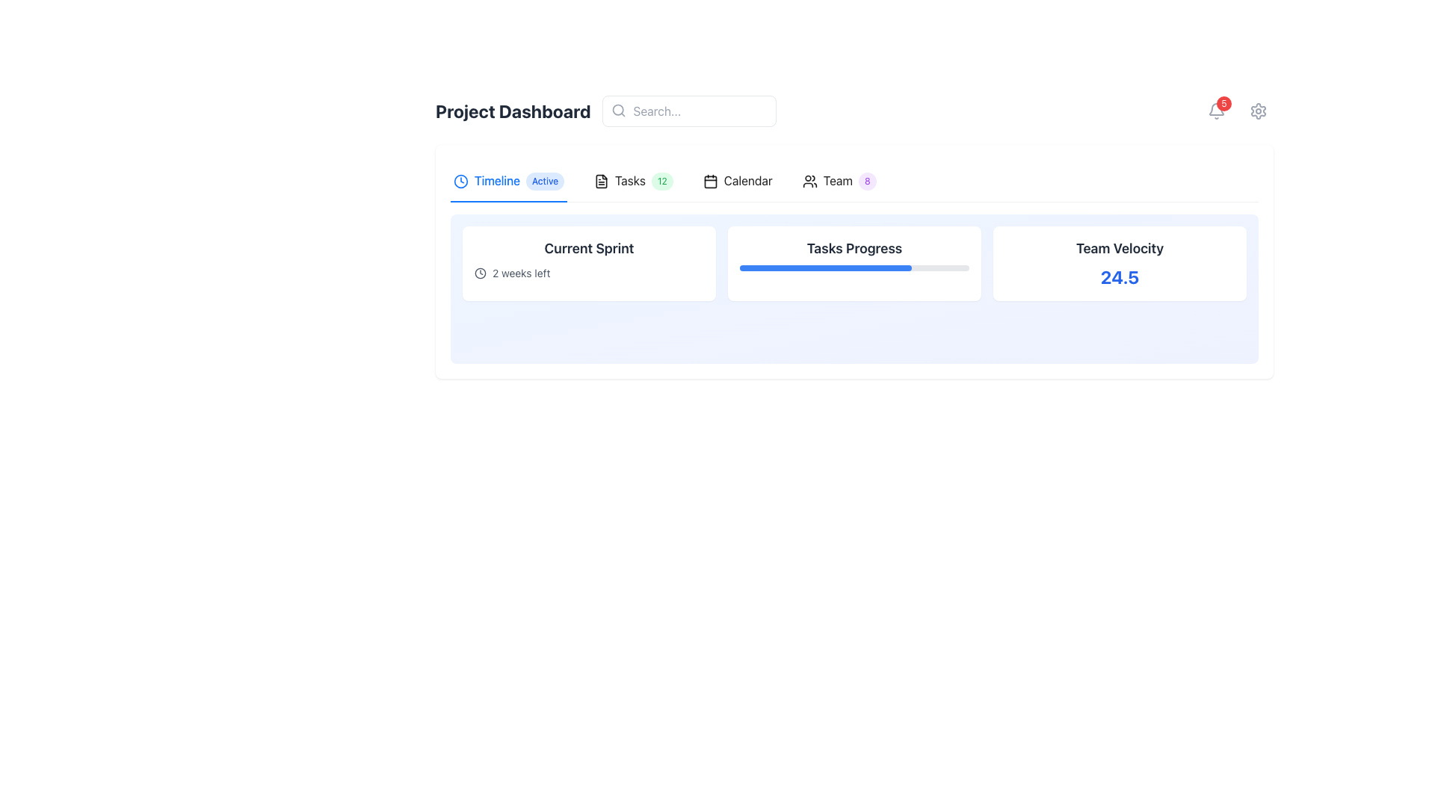  What do you see at coordinates (509, 180) in the screenshot?
I see `the 'Timeline' tab, which is the leftmost item in the horizontal tab menu at the top of the interface` at bounding box center [509, 180].